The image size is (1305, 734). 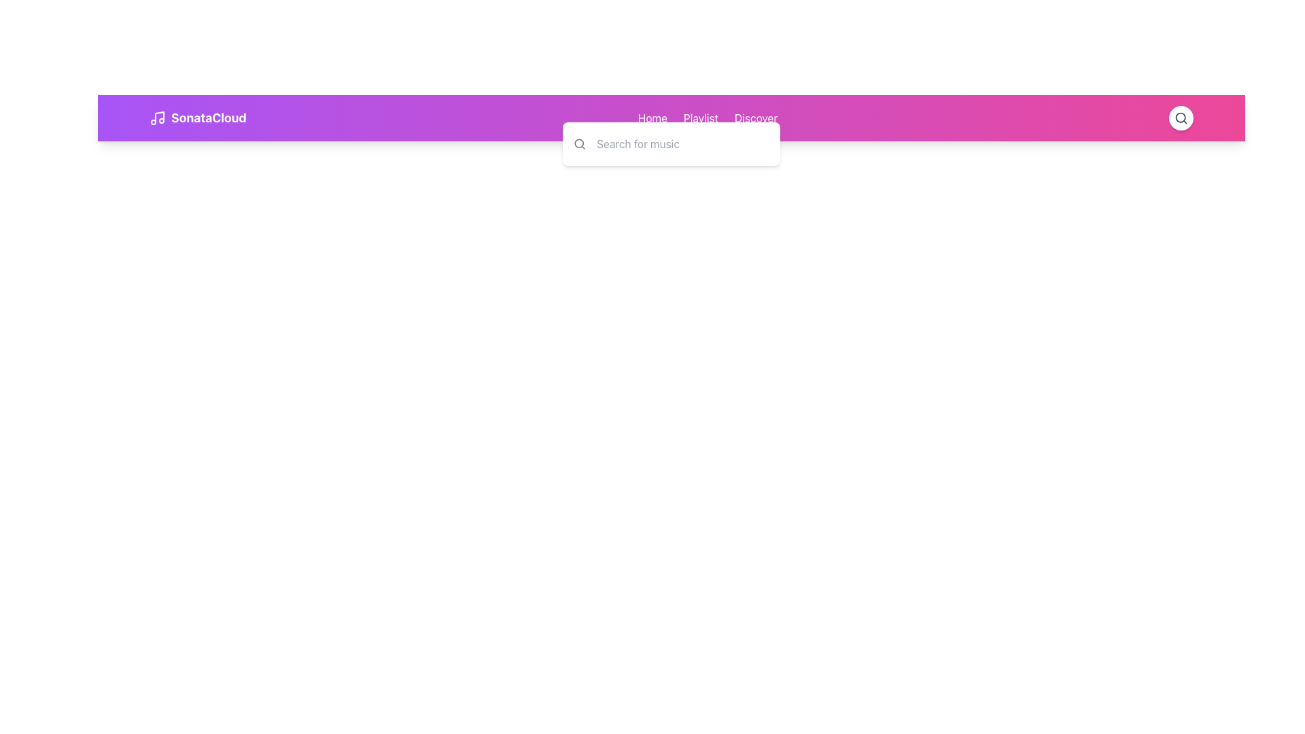 I want to click on the header text 'SonataCloud' with the music note icon, located at the leftmost side of the top navigation bar, so click(x=197, y=117).